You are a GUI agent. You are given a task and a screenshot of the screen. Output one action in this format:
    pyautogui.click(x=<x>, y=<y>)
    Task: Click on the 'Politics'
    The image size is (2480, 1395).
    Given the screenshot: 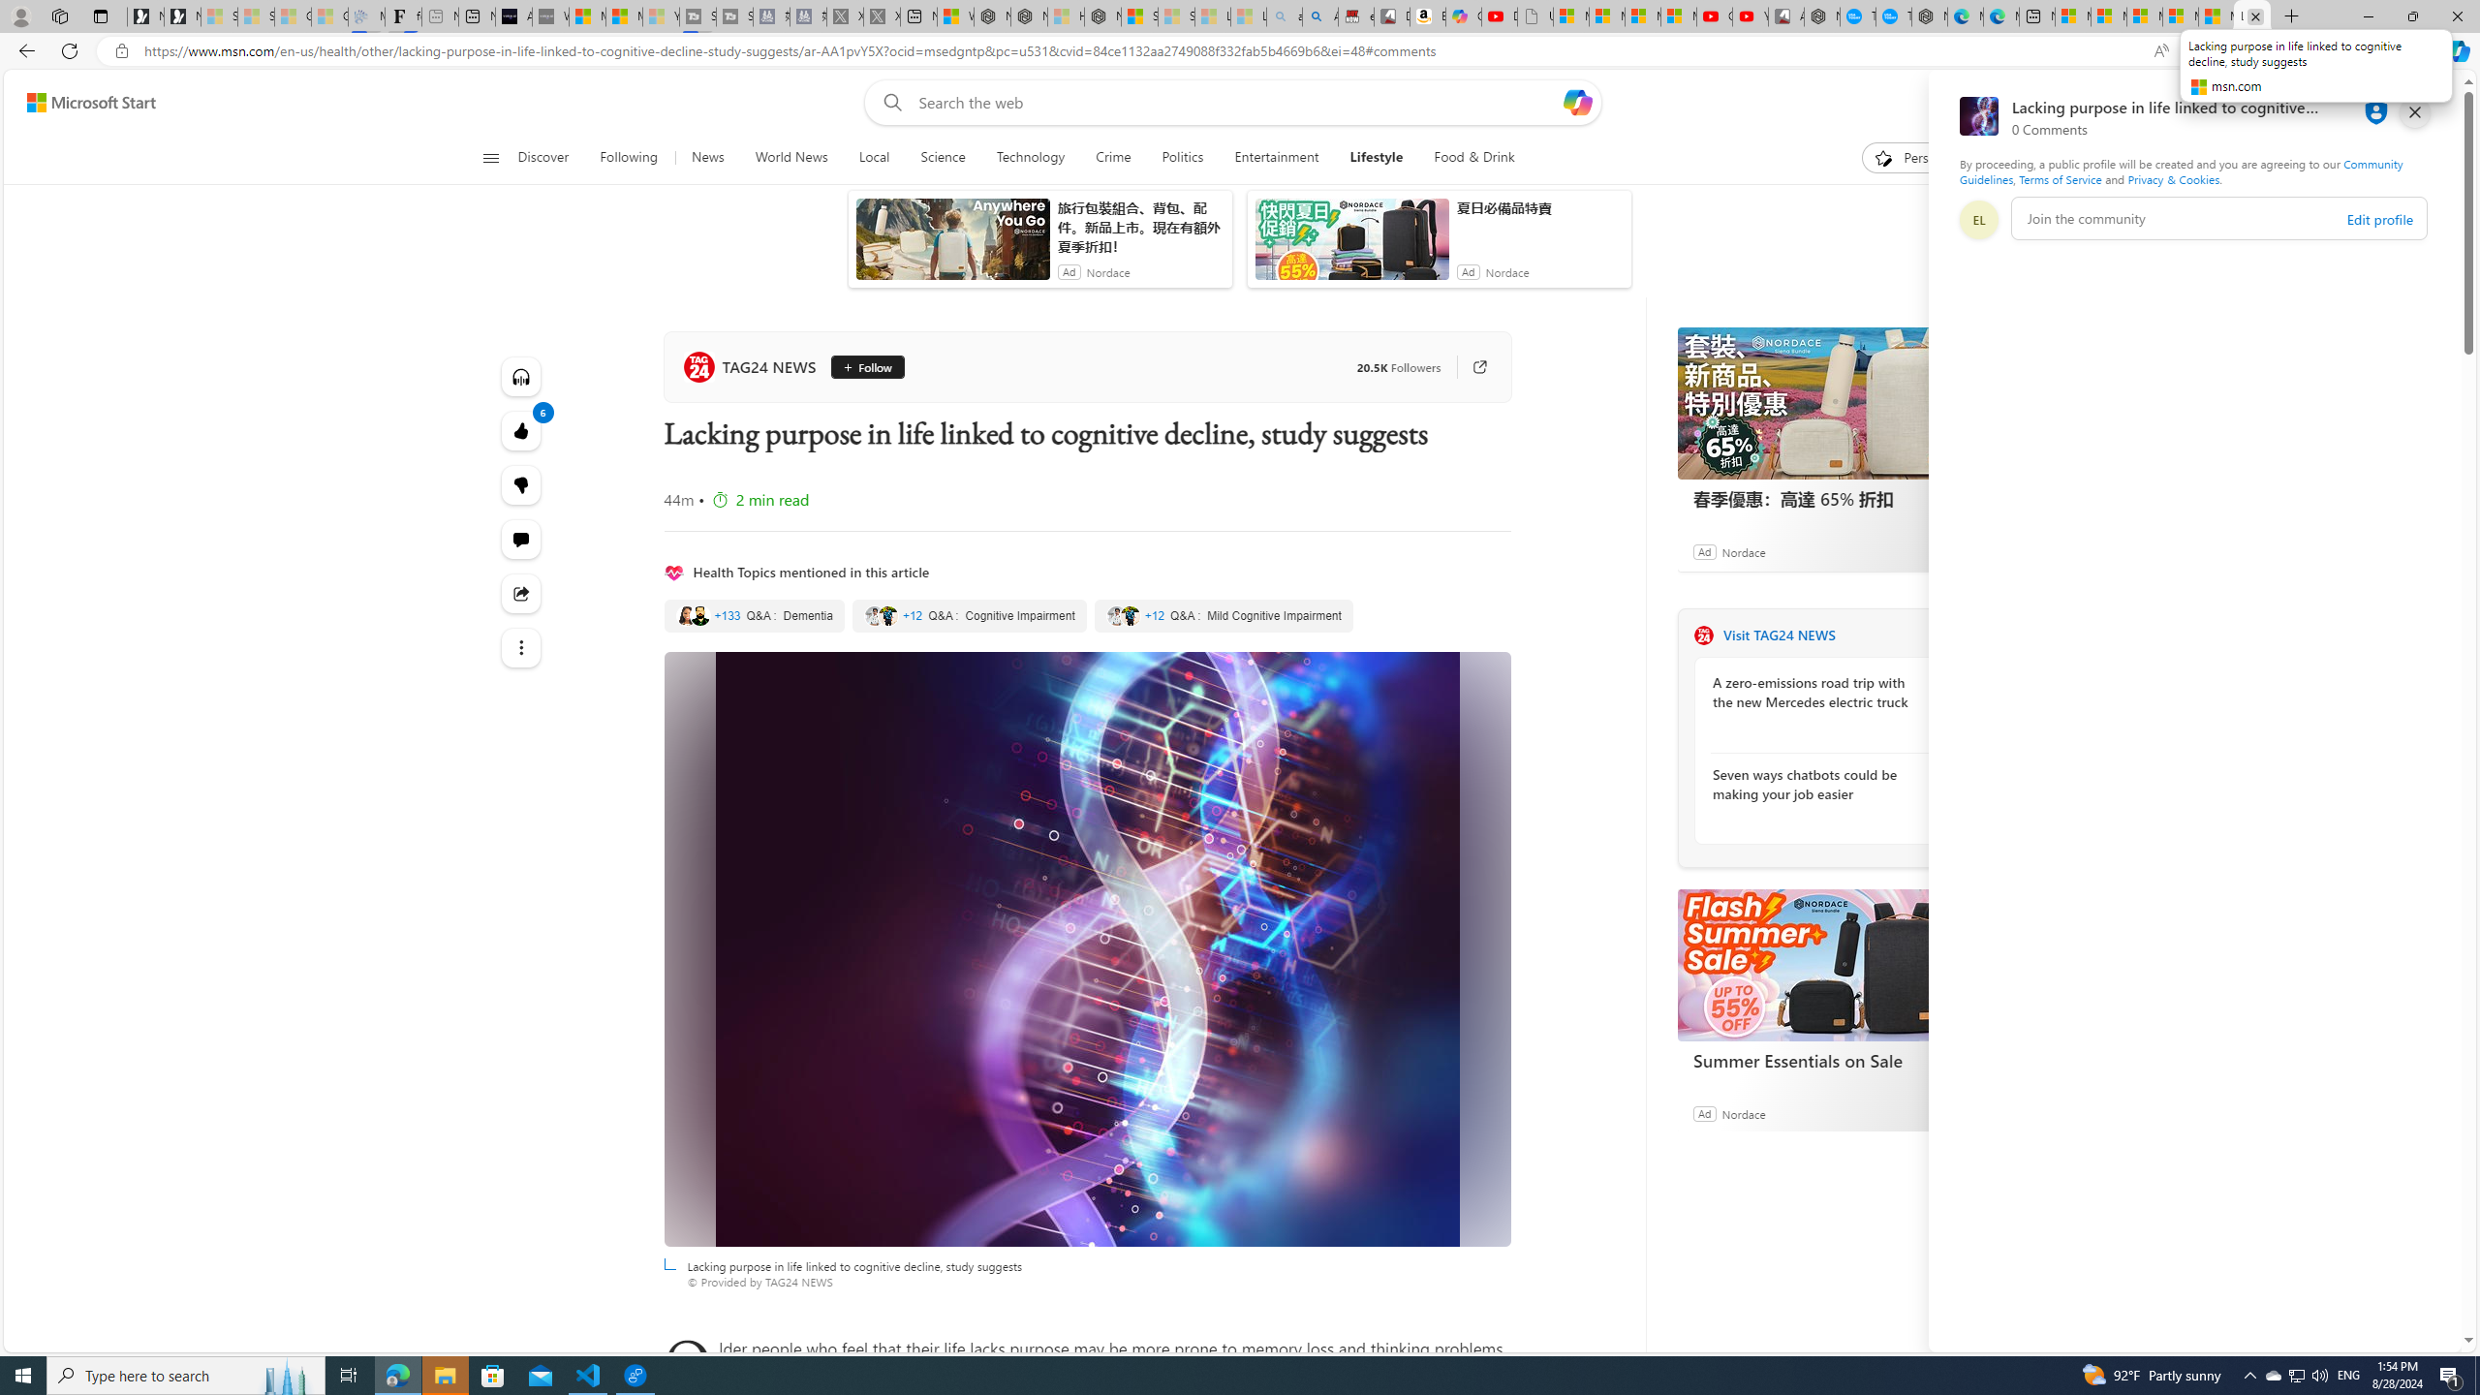 What is the action you would take?
    pyautogui.click(x=1182, y=157)
    